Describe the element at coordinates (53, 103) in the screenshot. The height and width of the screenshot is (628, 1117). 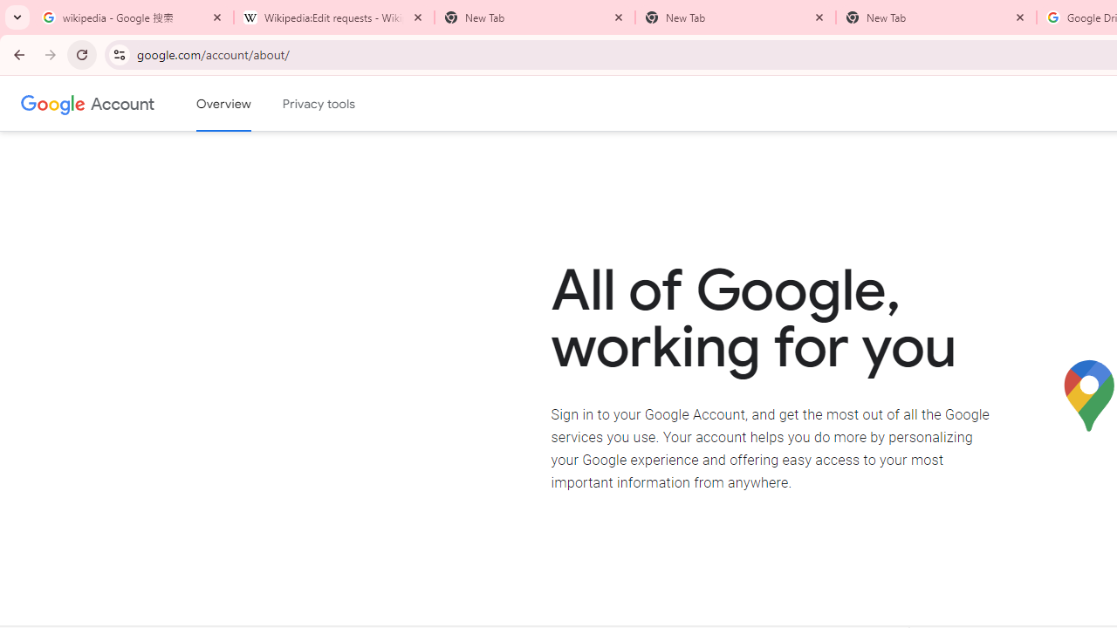
I see `'Google logo'` at that location.